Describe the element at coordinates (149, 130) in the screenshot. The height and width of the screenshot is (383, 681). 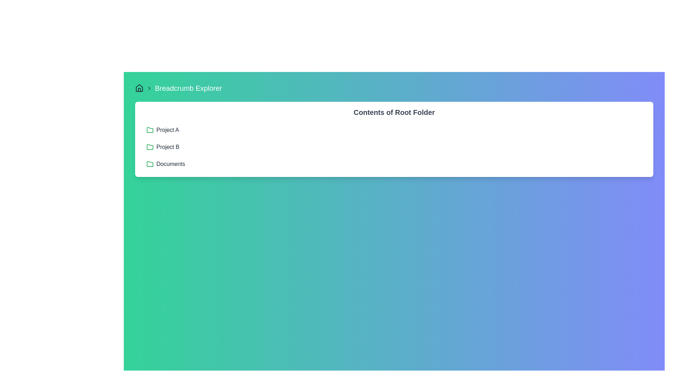
I see `the SVG graphical folder icon with a green outline located next to the text 'Project A' in the first item of the vertical list under the header 'Breadcrumb Explorer'` at that location.